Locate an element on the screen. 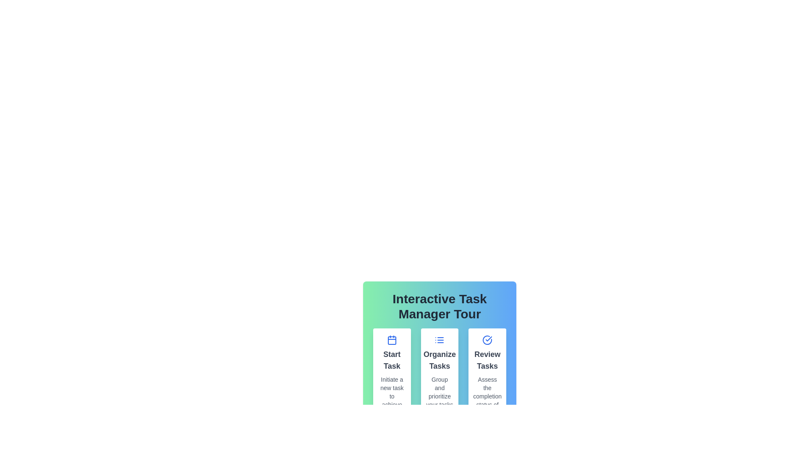 This screenshot has height=453, width=806. the heading titled 'Interactive Task Manager Tour' for accessibility features by moving the cursor to its center point is located at coordinates (439, 307).